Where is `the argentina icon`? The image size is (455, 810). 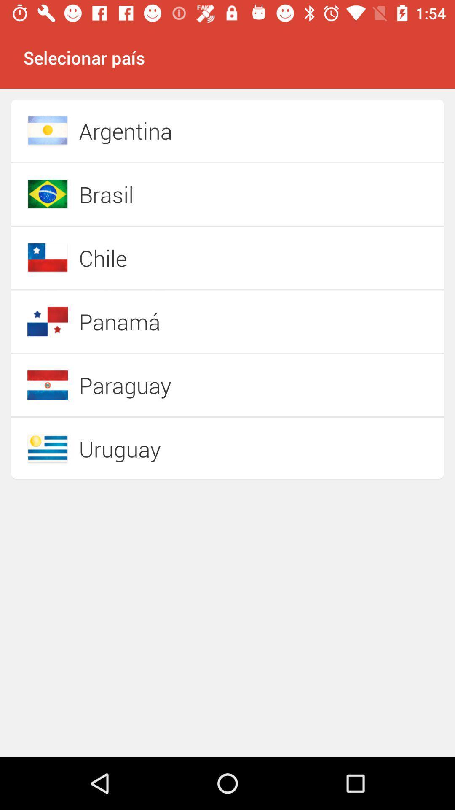
the argentina icon is located at coordinates (198, 130).